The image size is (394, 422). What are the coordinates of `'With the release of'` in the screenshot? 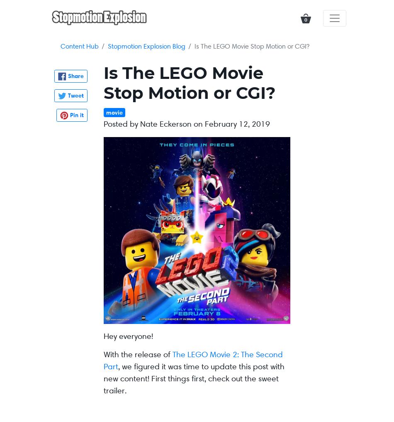 It's located at (137, 354).